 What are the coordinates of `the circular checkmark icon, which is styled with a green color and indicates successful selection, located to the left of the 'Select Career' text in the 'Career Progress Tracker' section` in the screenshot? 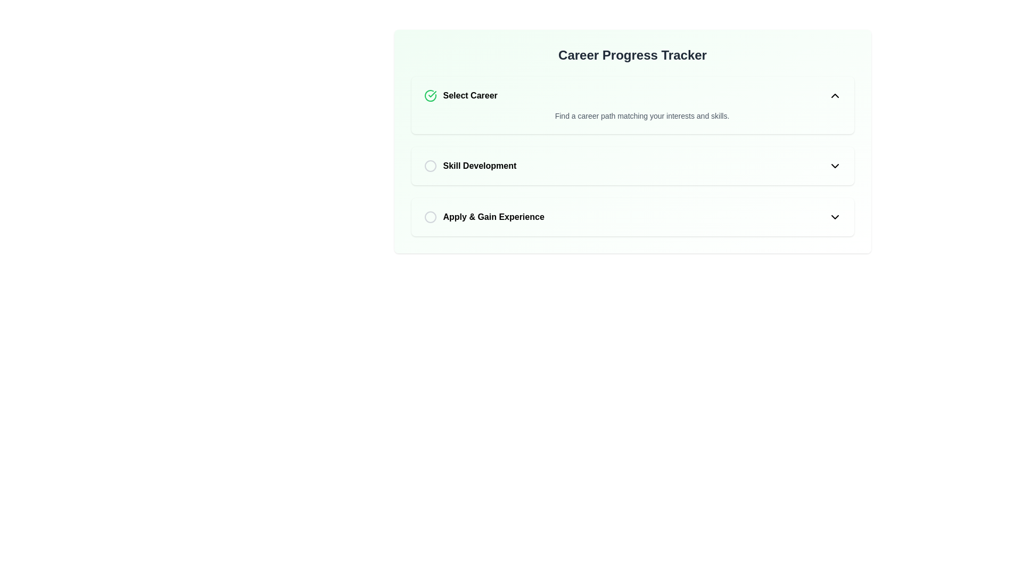 It's located at (430, 96).